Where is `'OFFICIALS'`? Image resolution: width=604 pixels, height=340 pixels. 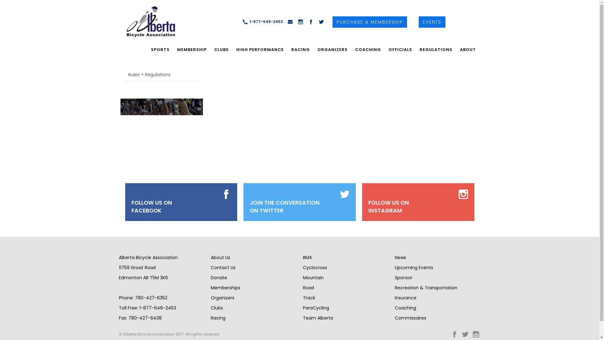
'OFFICIALS' is located at coordinates (400, 49).